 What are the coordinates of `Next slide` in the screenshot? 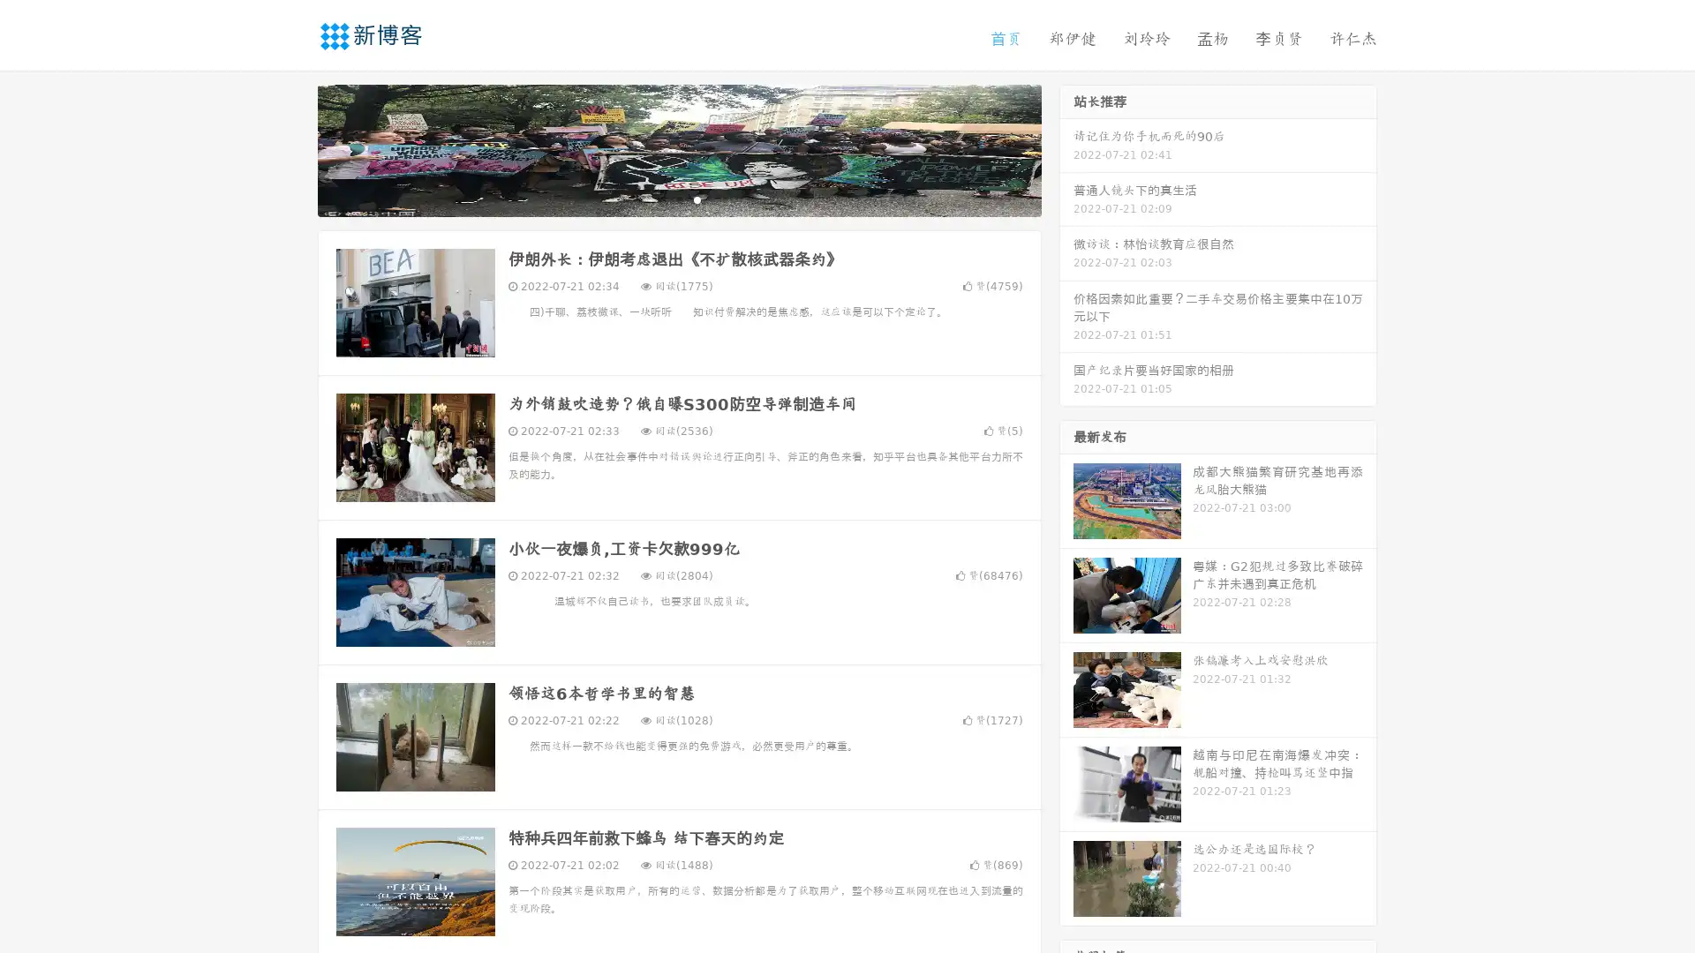 It's located at (1066, 148).